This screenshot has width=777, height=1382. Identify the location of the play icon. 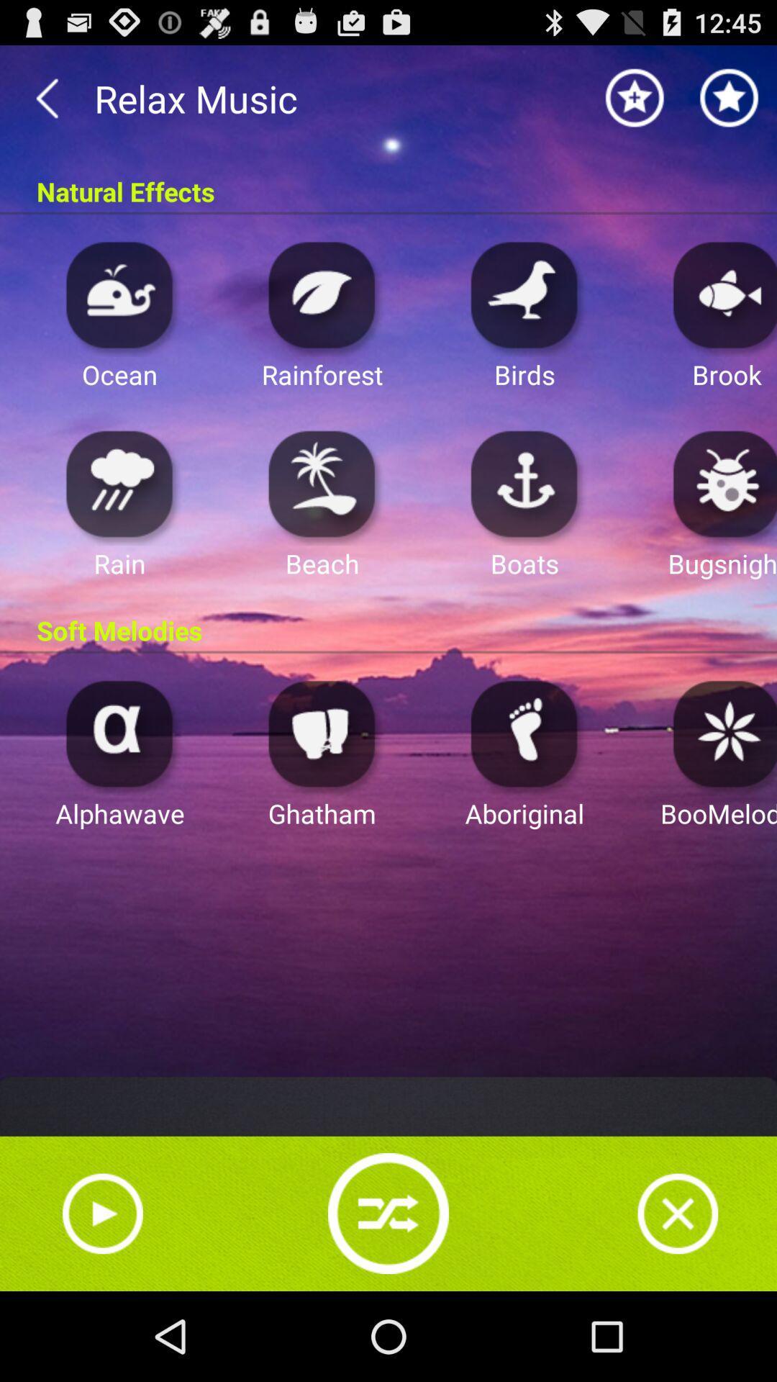
(101, 1299).